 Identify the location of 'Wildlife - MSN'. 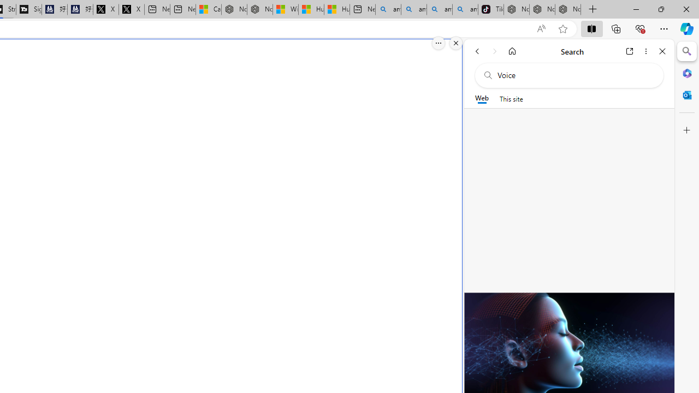
(286, 9).